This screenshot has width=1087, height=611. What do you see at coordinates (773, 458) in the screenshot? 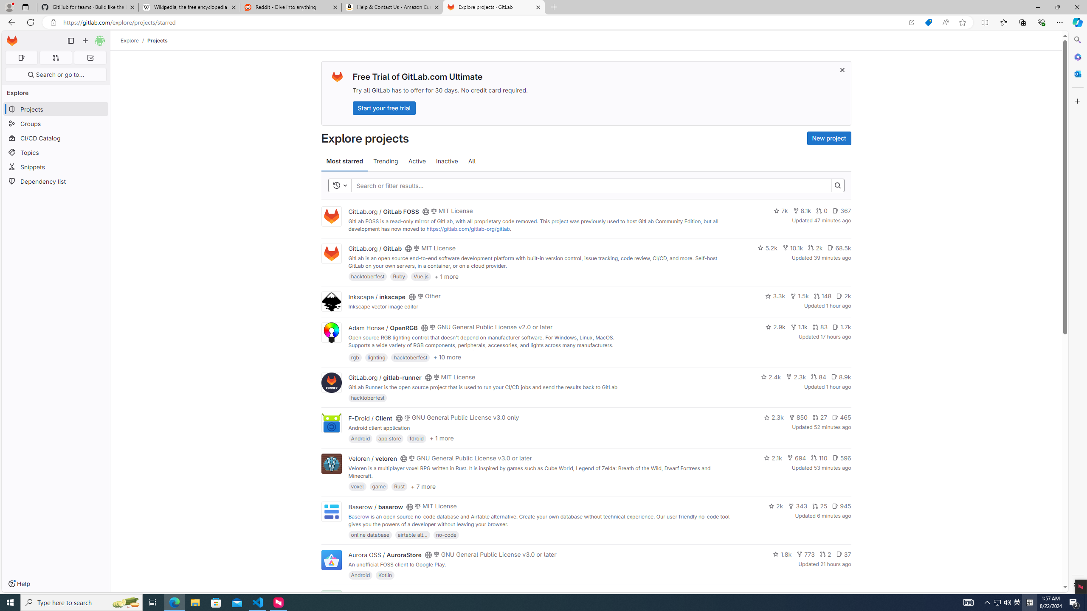
I see `'2.1k'` at bounding box center [773, 458].